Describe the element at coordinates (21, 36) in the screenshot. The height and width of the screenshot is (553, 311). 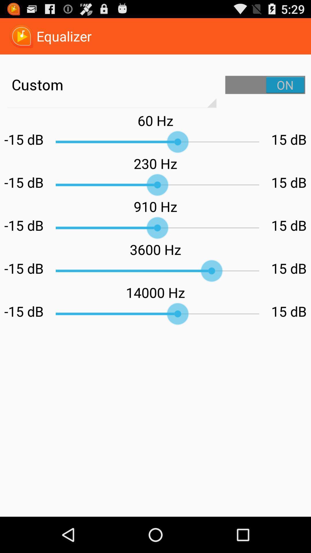
I see `icon beside equalizer` at that location.